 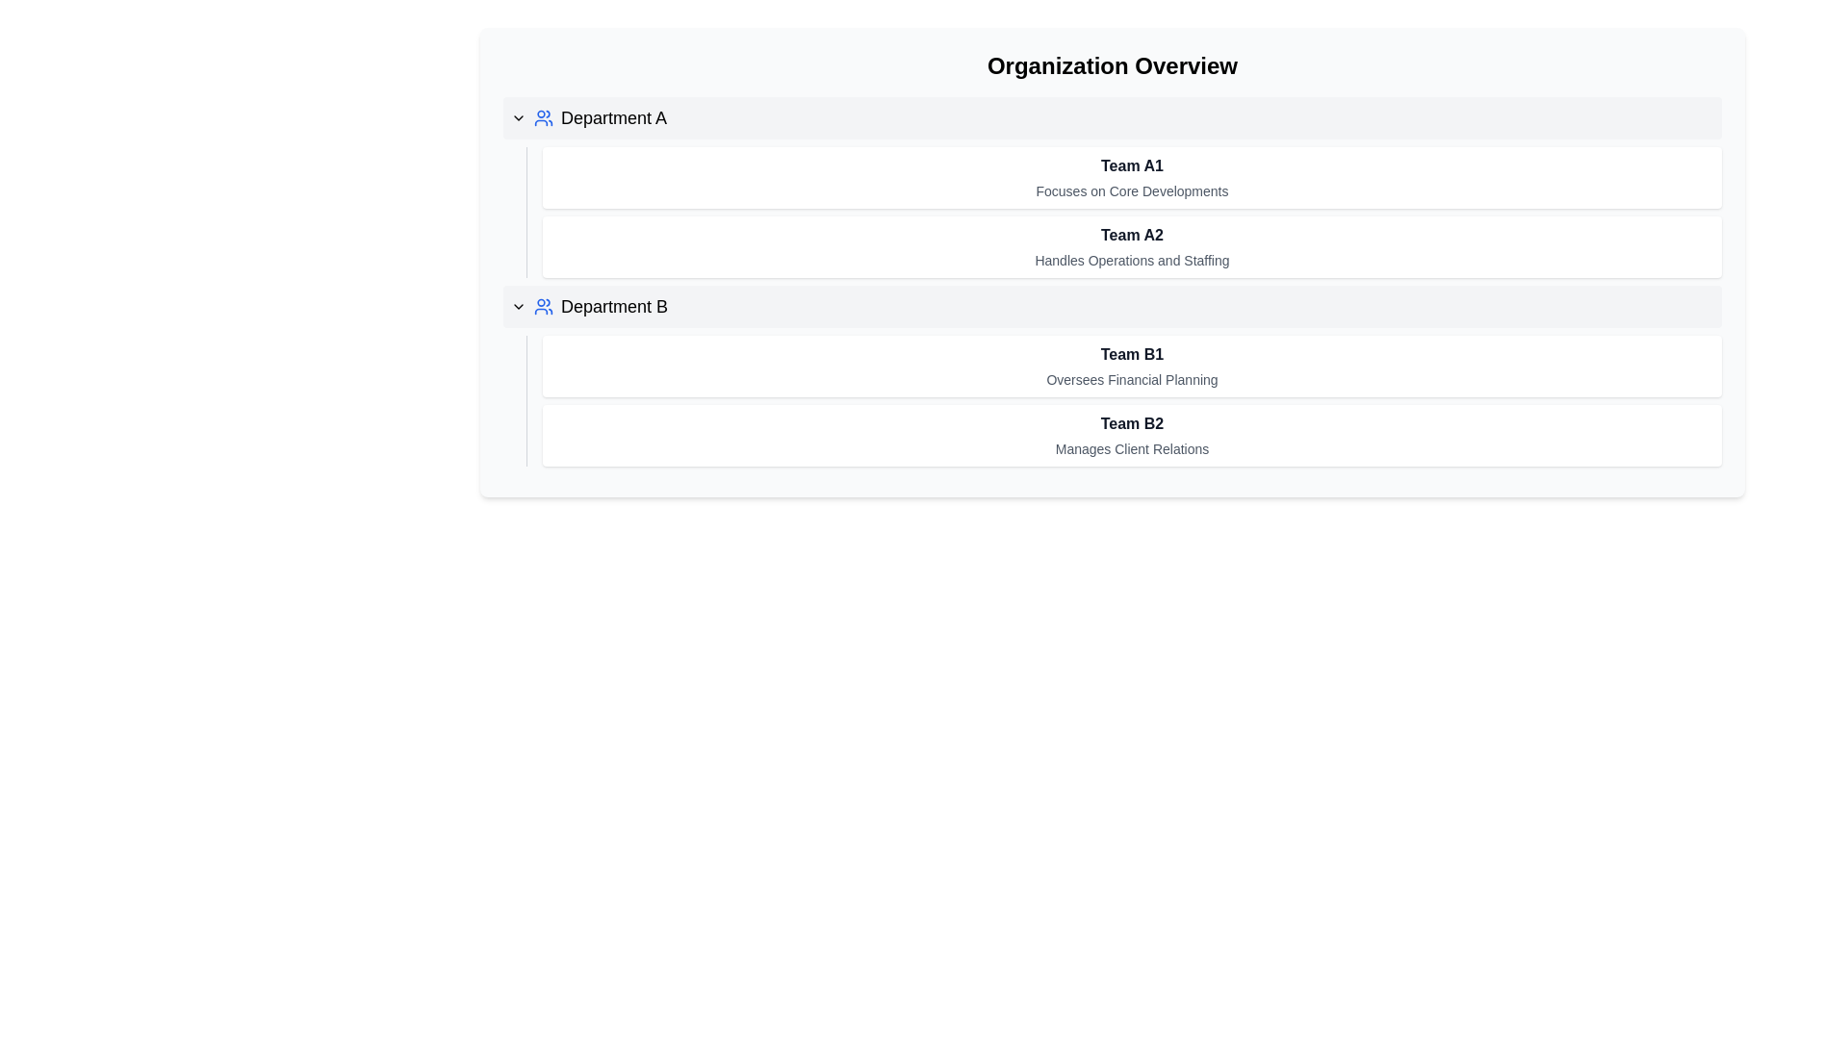 What do you see at coordinates (1132, 355) in the screenshot?
I see `the static text label identifying 'Team B1' located in the second department section titled 'Department B', which is positioned above 'Oversees Financial Planning'` at bounding box center [1132, 355].